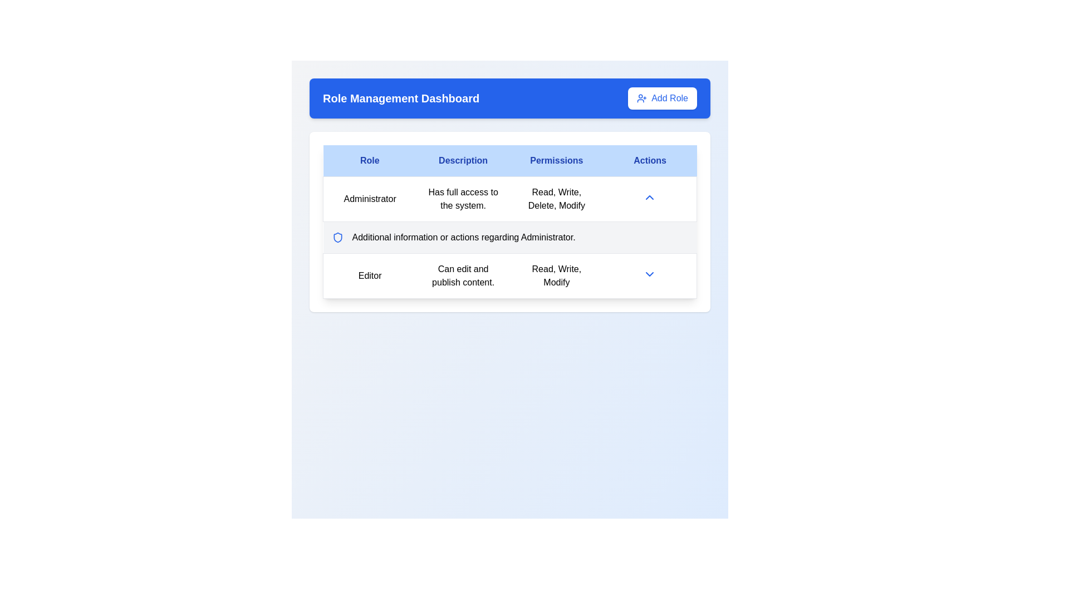 The width and height of the screenshot is (1069, 601). I want to click on the informational text display that lists the permissions associated with the 'Administrator' role, located in the third column of the first row of the table under the 'Permissions' header, so click(556, 199).